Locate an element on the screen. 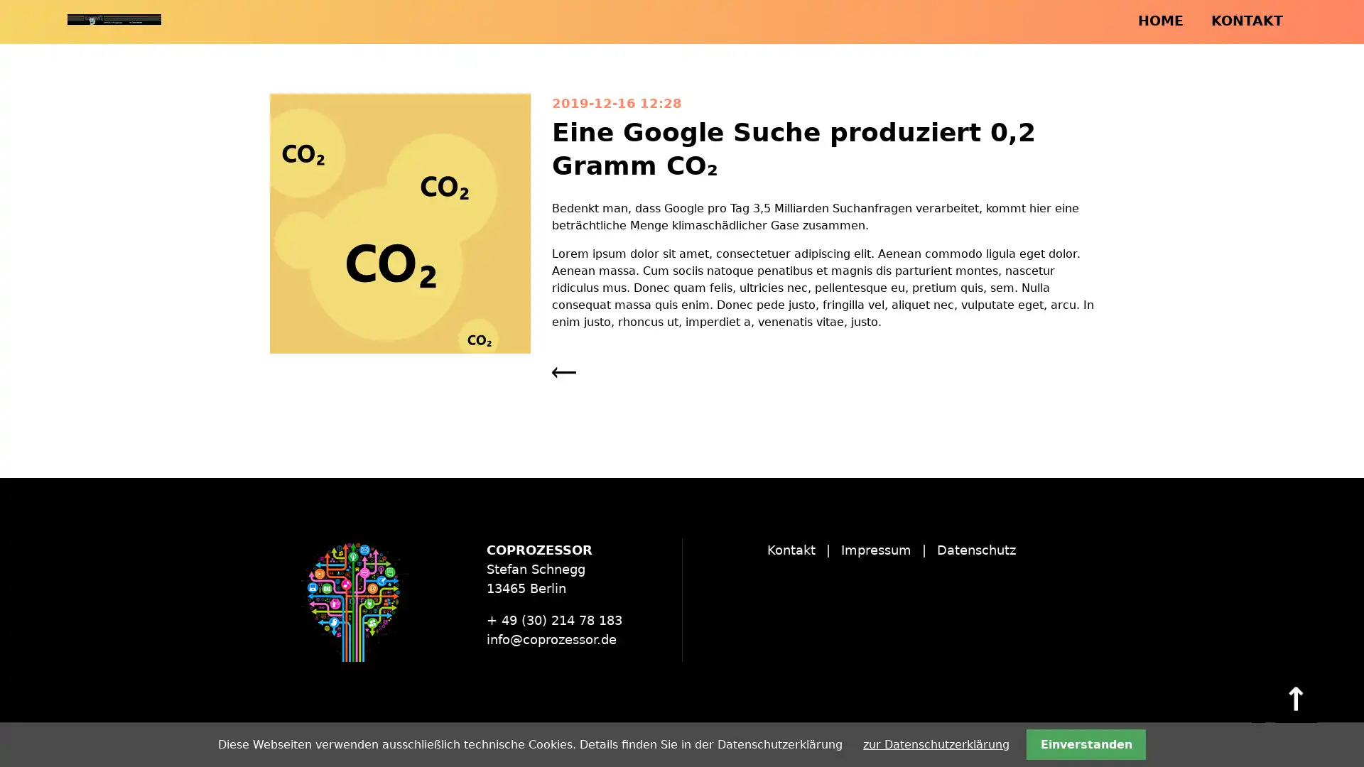 This screenshot has width=1364, height=767. Einverstanden is located at coordinates (1085, 744).